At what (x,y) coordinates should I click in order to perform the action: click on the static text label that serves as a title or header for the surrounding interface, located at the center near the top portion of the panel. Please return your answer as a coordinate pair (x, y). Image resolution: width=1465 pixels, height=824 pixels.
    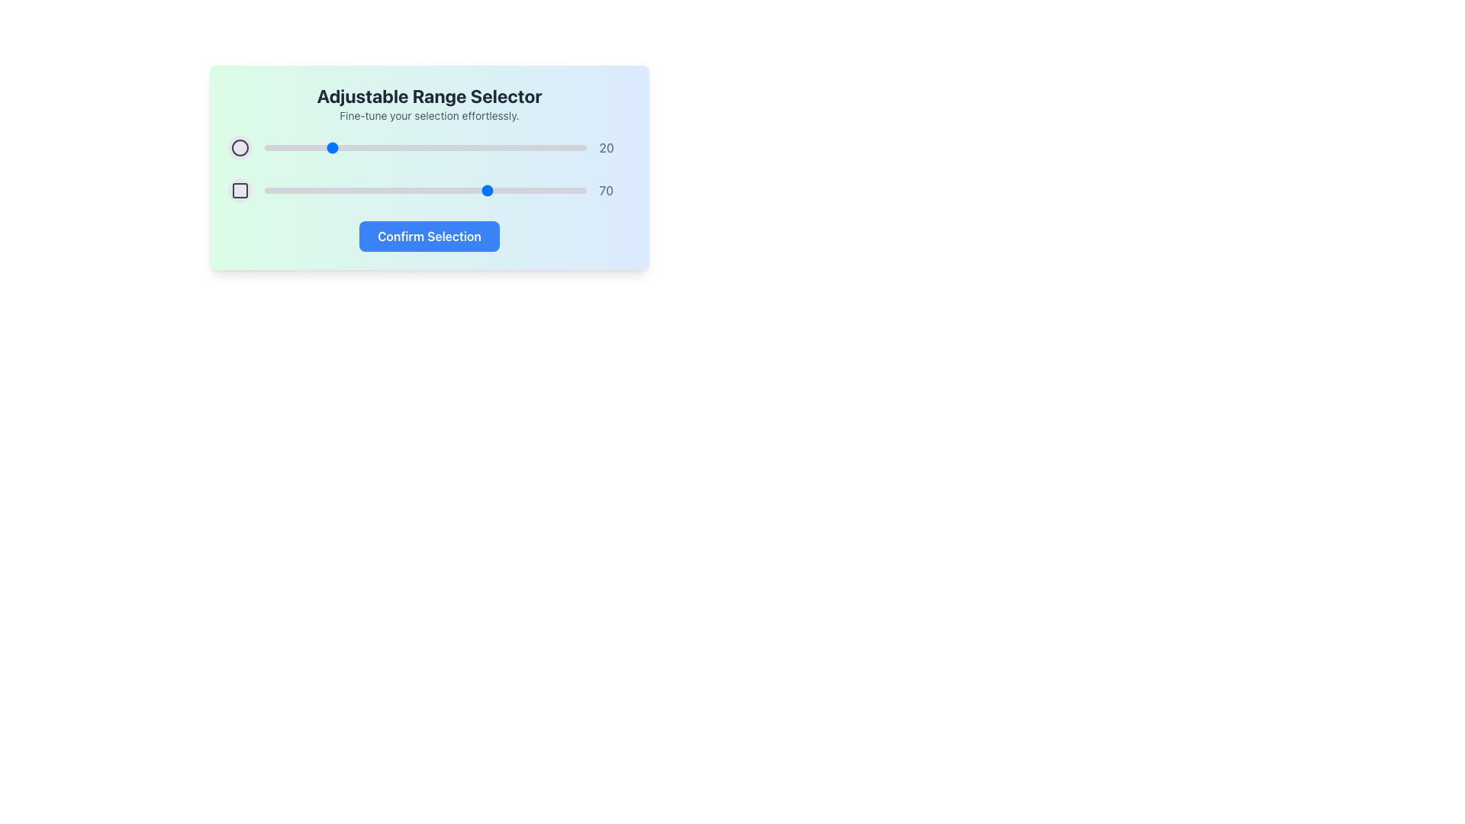
    Looking at the image, I should click on (428, 96).